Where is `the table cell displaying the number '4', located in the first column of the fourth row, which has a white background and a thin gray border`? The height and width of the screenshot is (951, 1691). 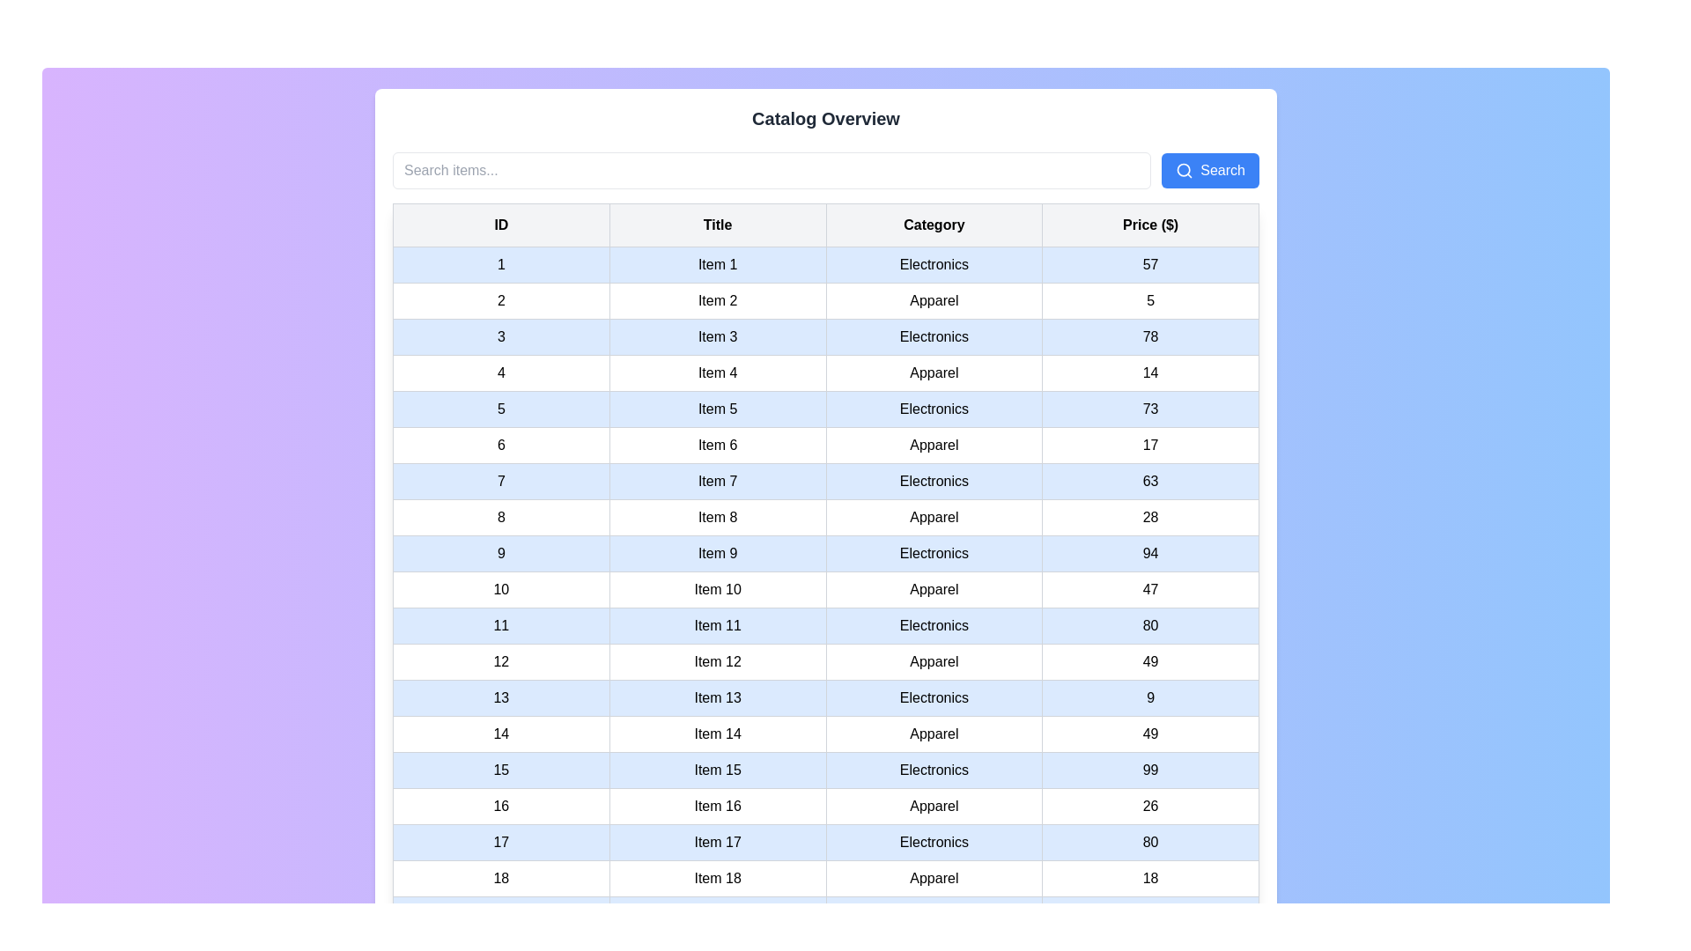 the table cell displaying the number '4', located in the first column of the fourth row, which has a white background and a thin gray border is located at coordinates (500, 372).